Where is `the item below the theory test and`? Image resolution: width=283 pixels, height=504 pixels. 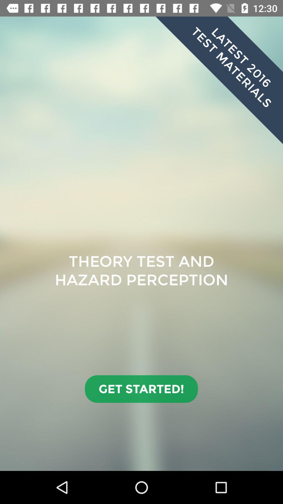 the item below the theory test and is located at coordinates (141, 389).